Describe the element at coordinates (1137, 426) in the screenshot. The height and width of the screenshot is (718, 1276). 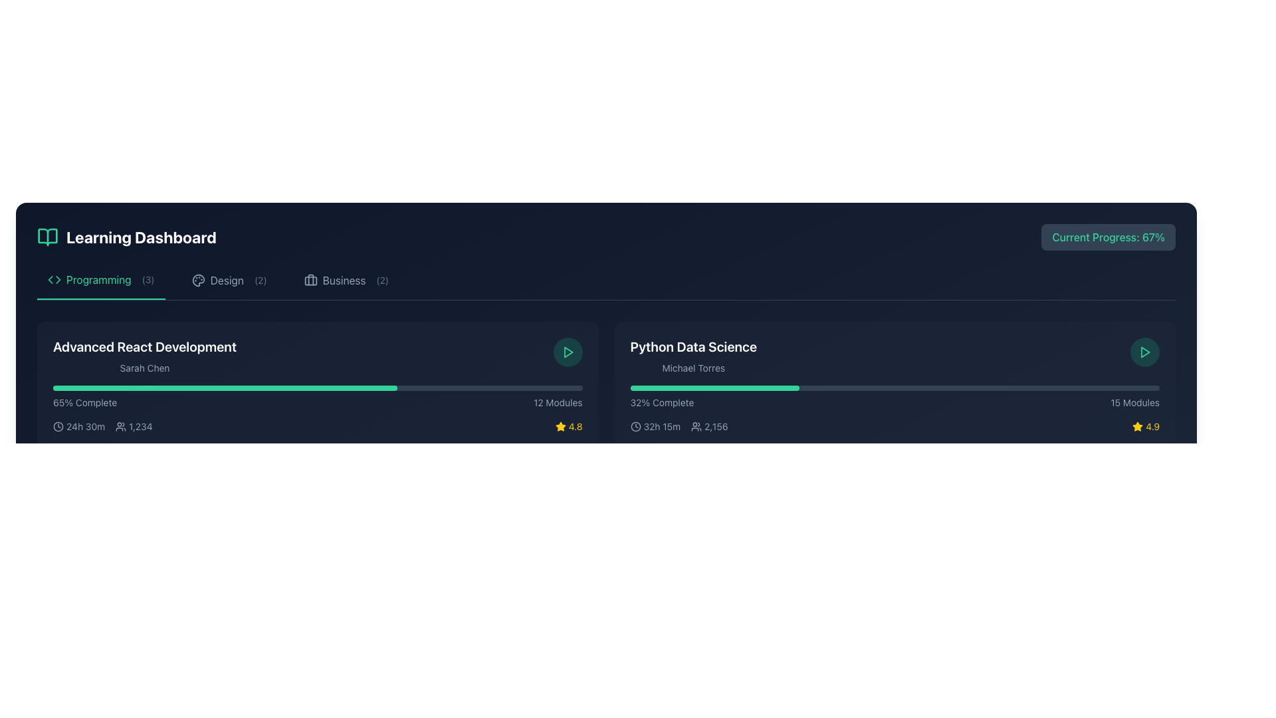
I see `the star icon with a yellow fill located at the bottom-right corner of the 'Python Data Science' card, next to the numerical rating '4.9'` at that location.